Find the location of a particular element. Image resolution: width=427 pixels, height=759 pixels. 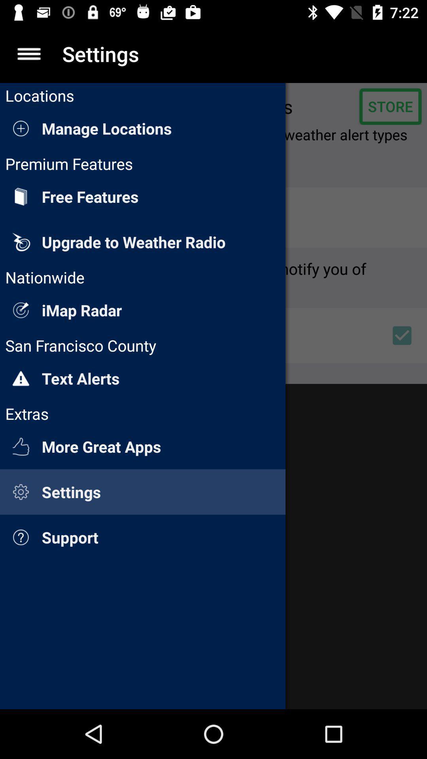

the text at the top right of the page is located at coordinates (390, 106).